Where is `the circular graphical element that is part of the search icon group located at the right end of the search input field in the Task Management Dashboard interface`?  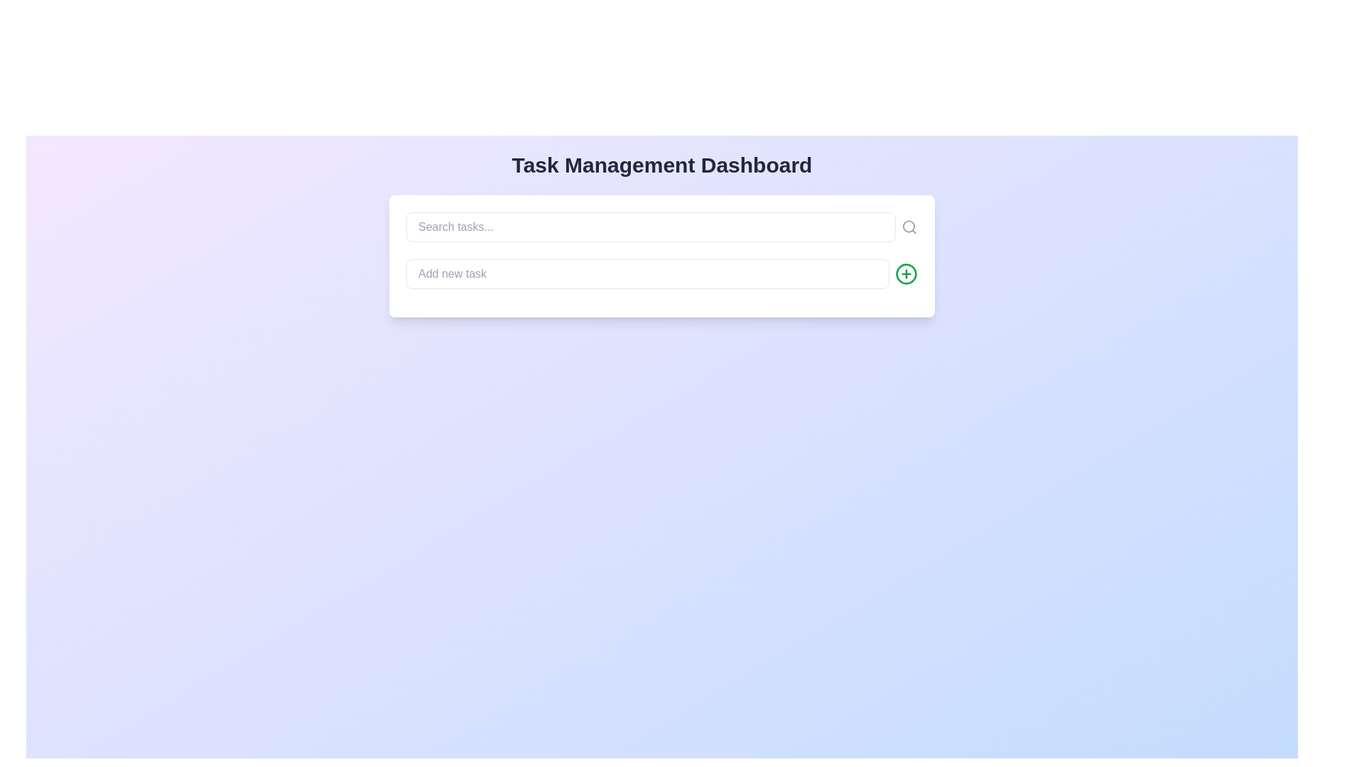 the circular graphical element that is part of the search icon group located at the right end of the search input field in the Task Management Dashboard interface is located at coordinates (908, 226).